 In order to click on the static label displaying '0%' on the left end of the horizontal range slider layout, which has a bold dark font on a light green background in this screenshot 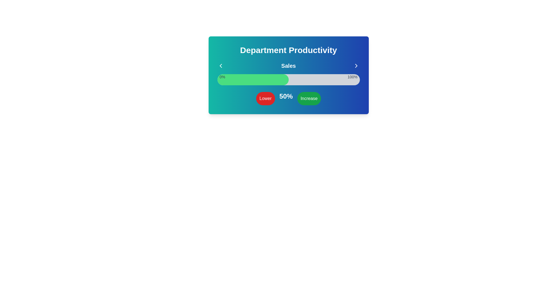, I will do `click(222, 77)`.